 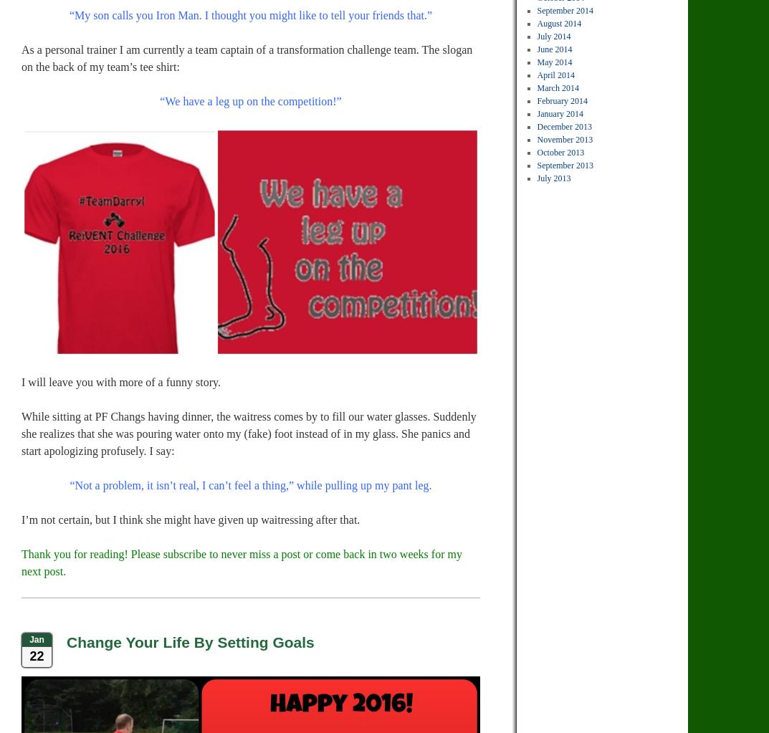 What do you see at coordinates (120, 381) in the screenshot?
I see `'I will leave you with more of a funny story.'` at bounding box center [120, 381].